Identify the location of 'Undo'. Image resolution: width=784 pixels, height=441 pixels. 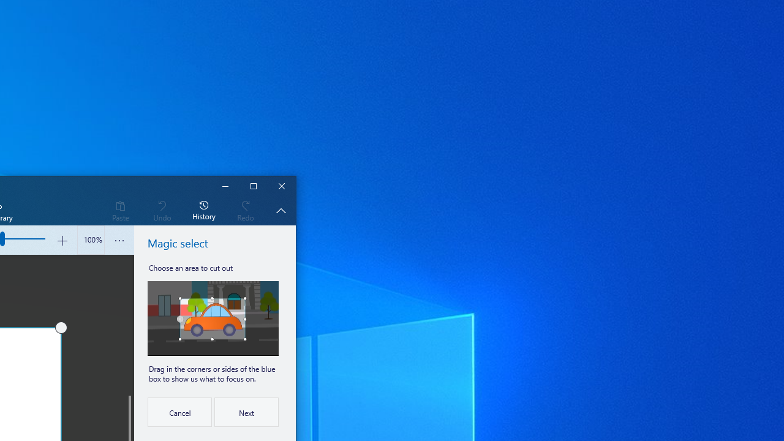
(161, 209).